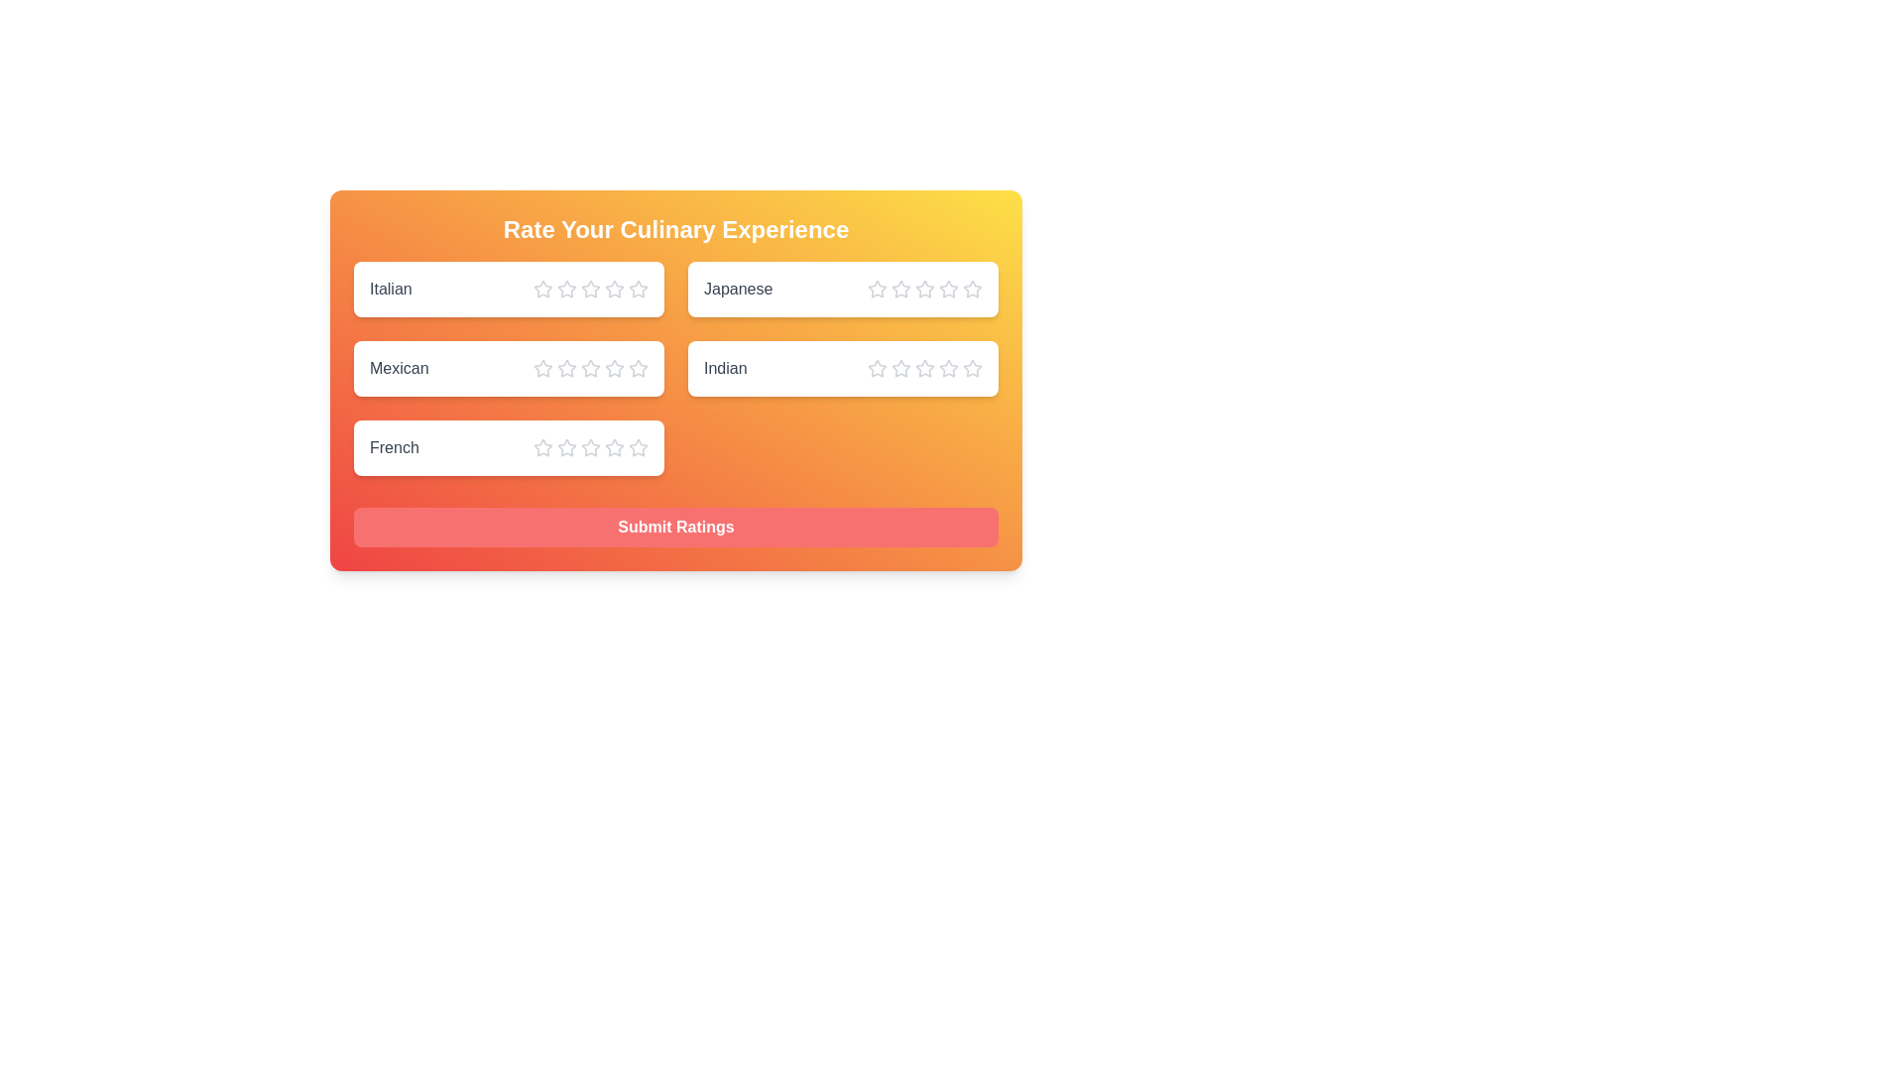  What do you see at coordinates (638, 290) in the screenshot?
I see `the star corresponding to the rating 5 for the cuisine Italian` at bounding box center [638, 290].